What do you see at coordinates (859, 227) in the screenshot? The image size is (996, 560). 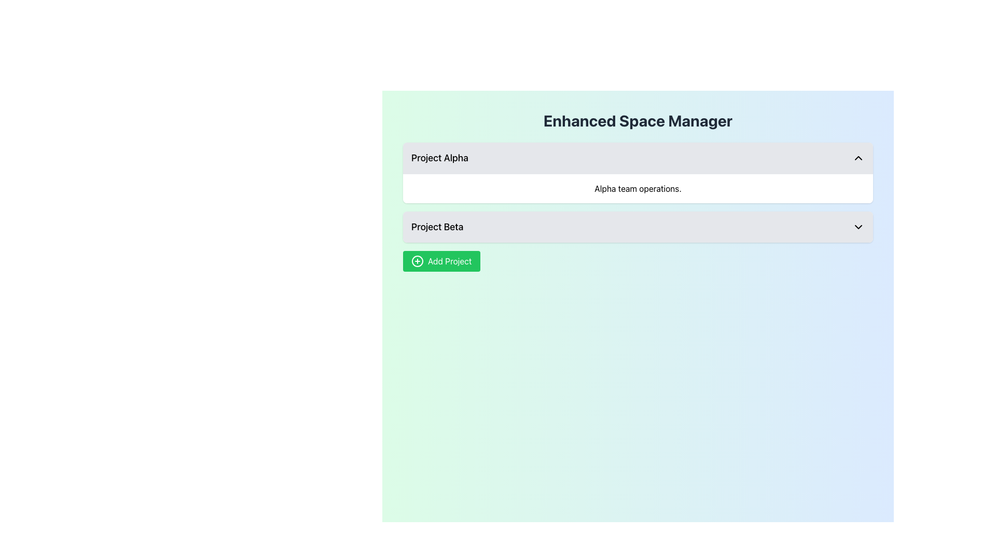 I see `the Dropdown Indicator located in the lower right corner of the 'Project Beta' section` at bounding box center [859, 227].